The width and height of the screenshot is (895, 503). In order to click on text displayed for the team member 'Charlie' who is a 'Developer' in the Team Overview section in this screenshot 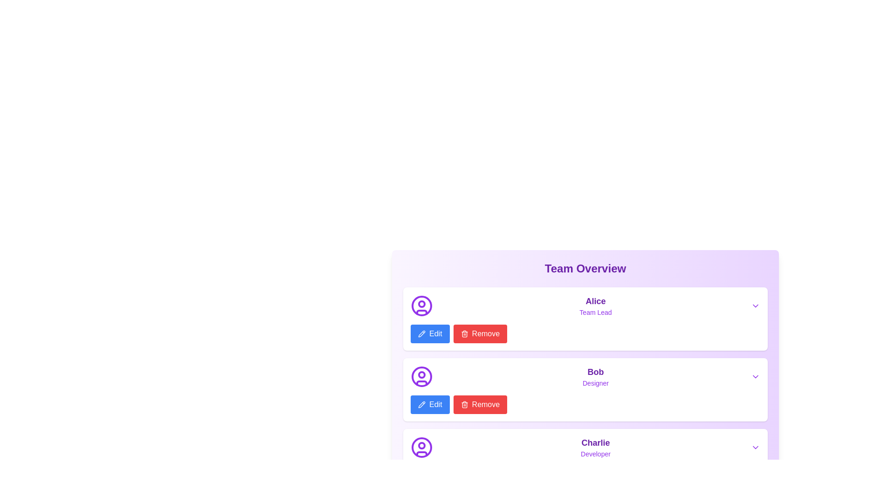, I will do `click(595, 447)`.